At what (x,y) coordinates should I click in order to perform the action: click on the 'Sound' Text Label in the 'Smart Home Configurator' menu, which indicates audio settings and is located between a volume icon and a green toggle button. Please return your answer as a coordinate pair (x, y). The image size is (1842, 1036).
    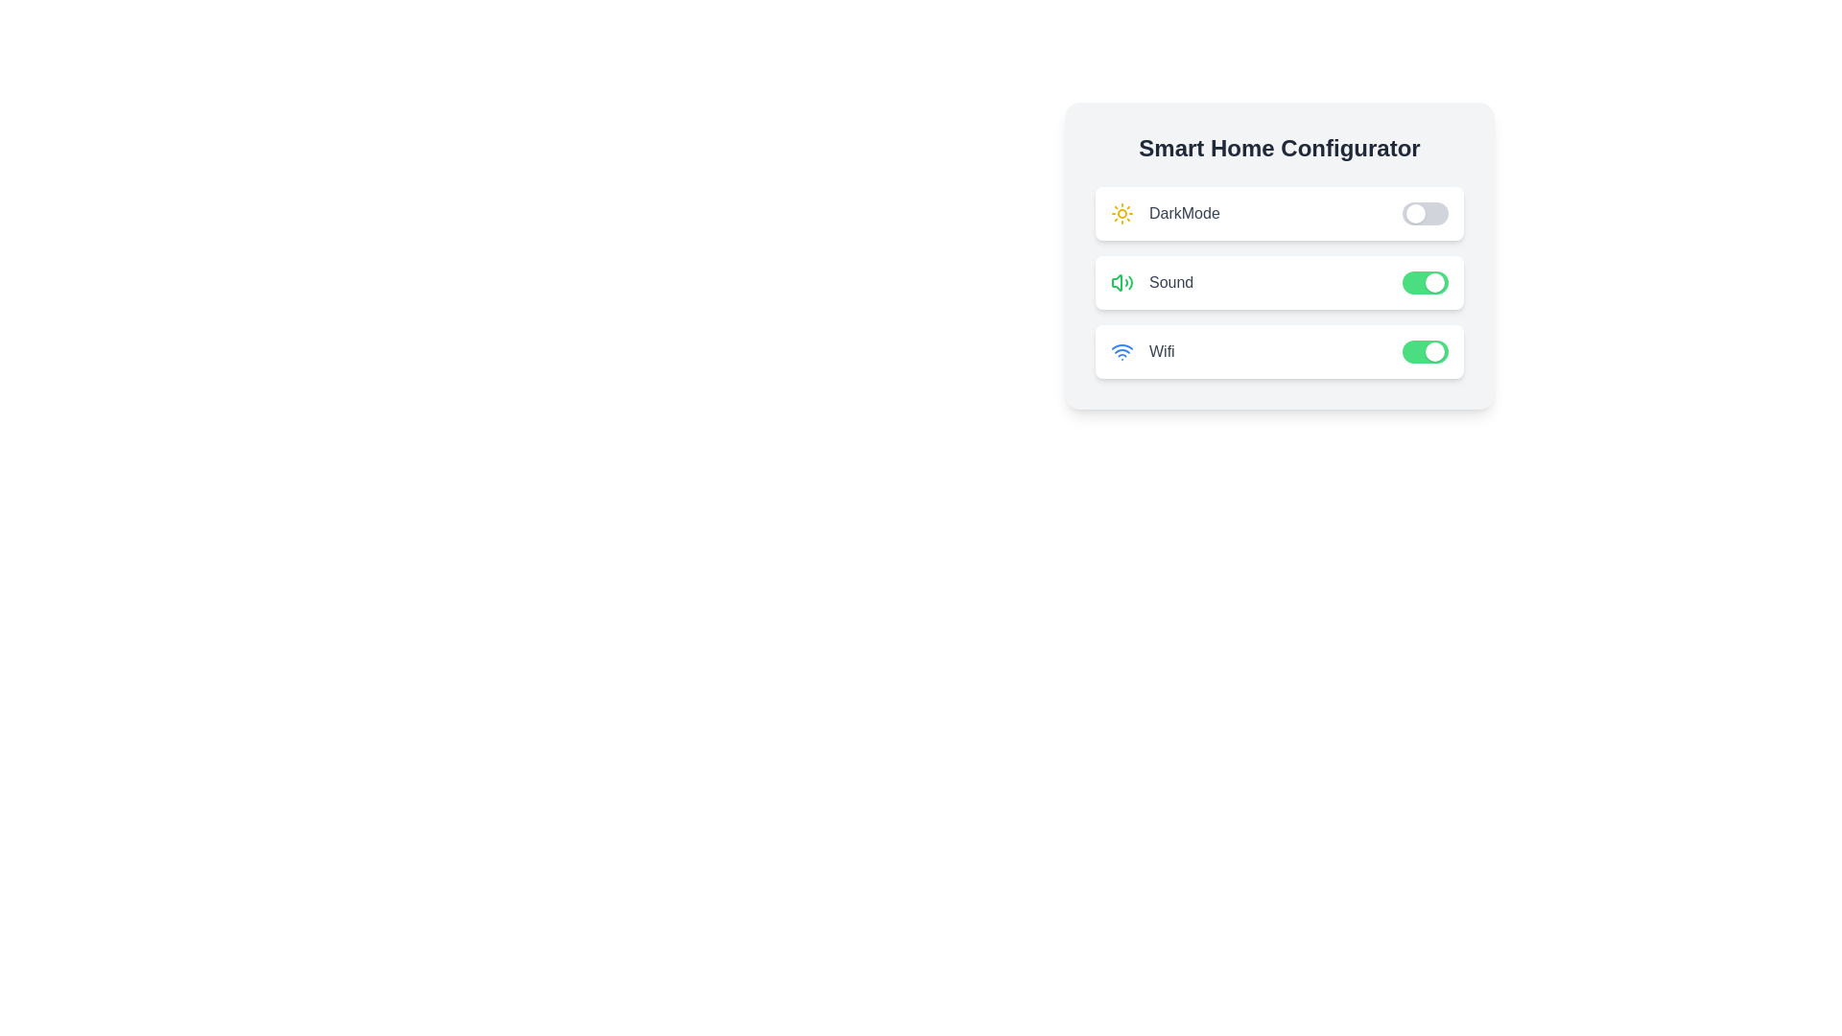
    Looking at the image, I should click on (1170, 282).